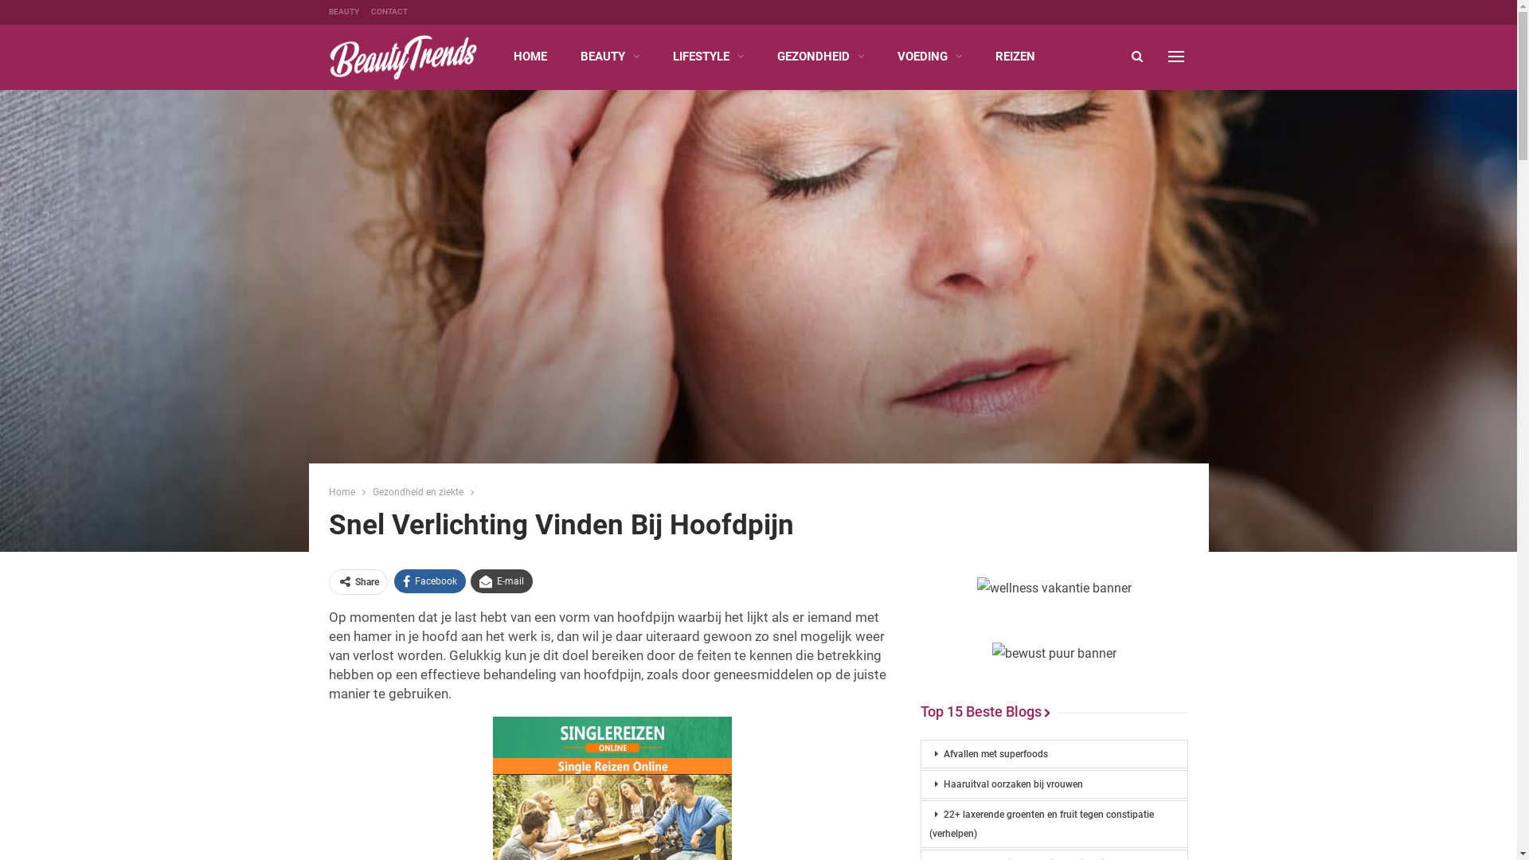  Describe the element at coordinates (389, 11) in the screenshot. I see `'CONTACT'` at that location.